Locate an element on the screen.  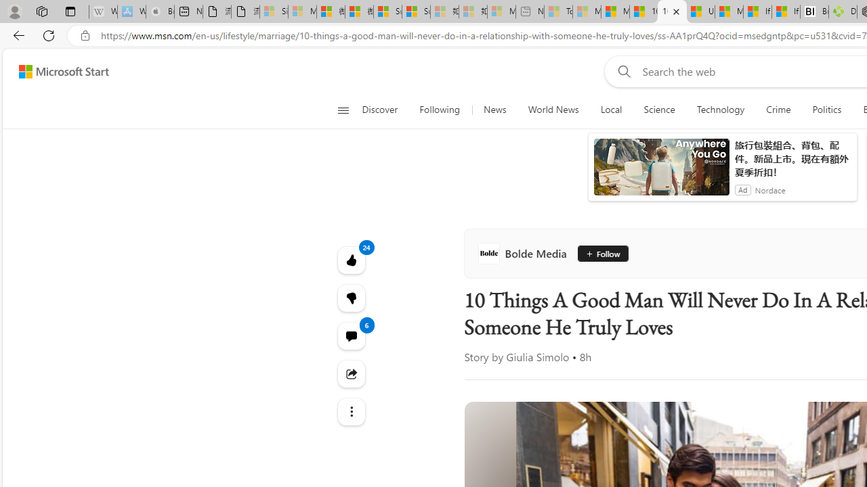
'Web search' is located at coordinates (620, 71).